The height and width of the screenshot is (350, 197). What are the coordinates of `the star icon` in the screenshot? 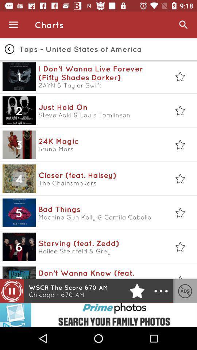 It's located at (137, 291).